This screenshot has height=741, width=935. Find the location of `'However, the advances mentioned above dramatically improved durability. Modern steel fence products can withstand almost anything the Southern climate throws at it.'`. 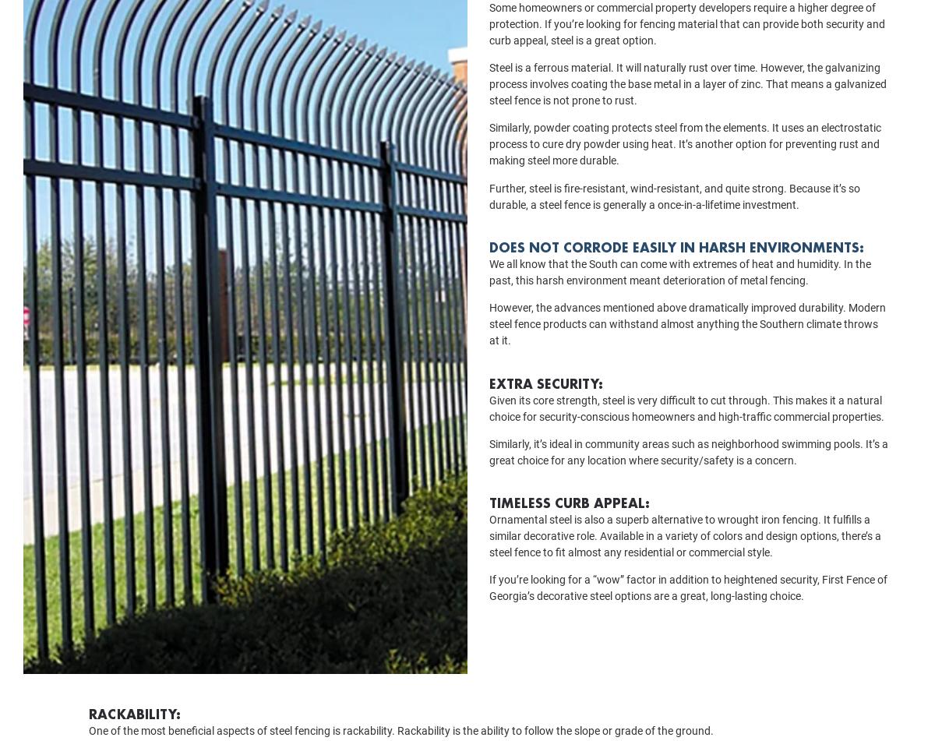

'However, the advances mentioned above dramatically improved durability. Modern steel fence products can withstand almost anything the Southern climate throws at it.' is located at coordinates (686, 346).